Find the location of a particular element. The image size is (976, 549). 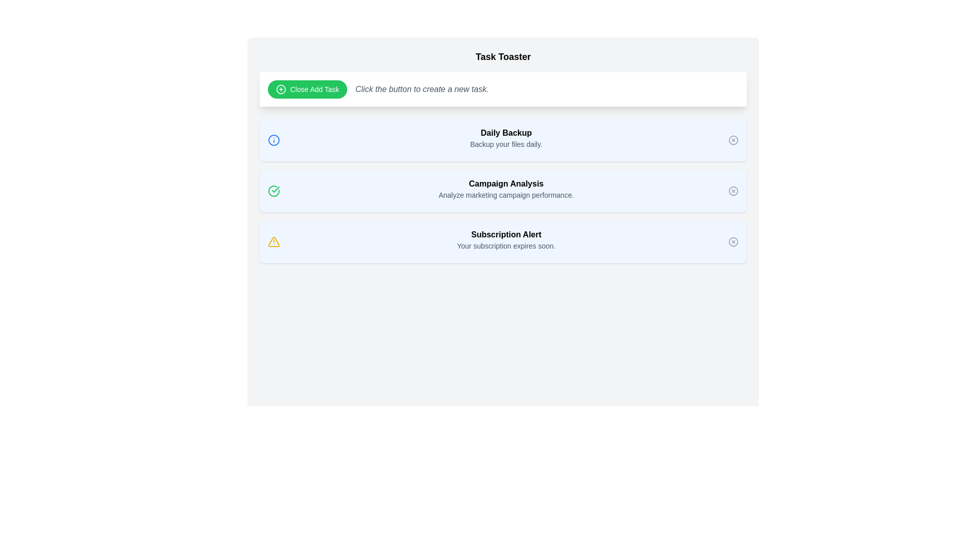

the status indicator icon for the 'Campaign Analysis' entry, which visually signifies successful completion and is located on the left side of the row is located at coordinates (273, 191).